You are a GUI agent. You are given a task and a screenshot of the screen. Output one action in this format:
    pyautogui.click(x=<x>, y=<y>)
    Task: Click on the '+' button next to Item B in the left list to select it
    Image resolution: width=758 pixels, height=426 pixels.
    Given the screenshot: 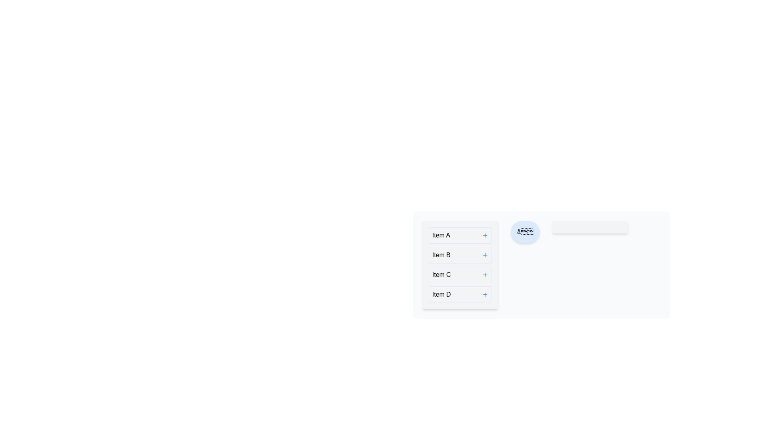 What is the action you would take?
    pyautogui.click(x=484, y=255)
    